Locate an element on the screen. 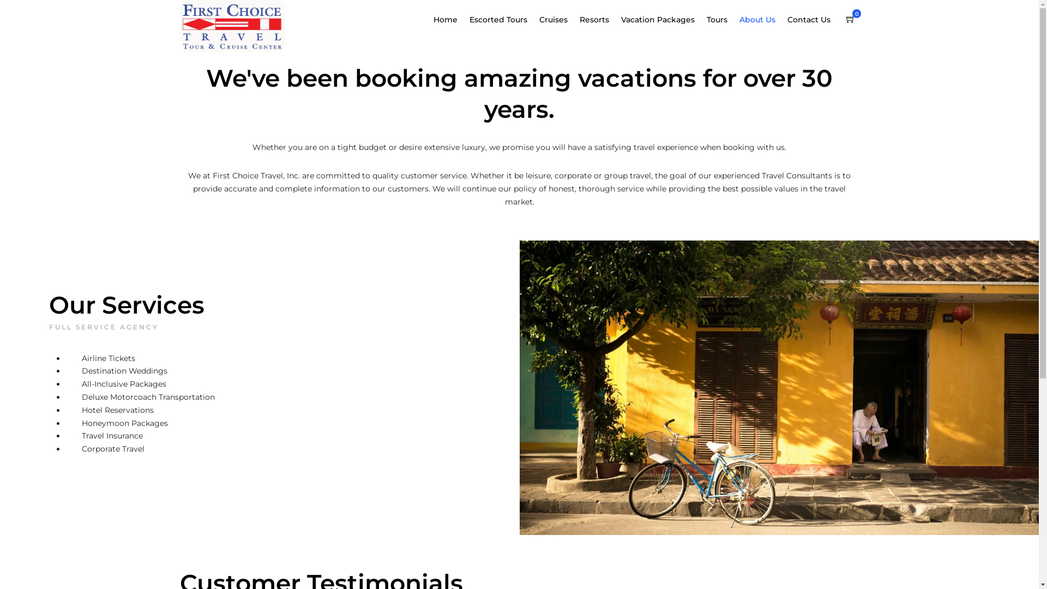 The image size is (1047, 589). 'Resorts' is located at coordinates (598, 20).